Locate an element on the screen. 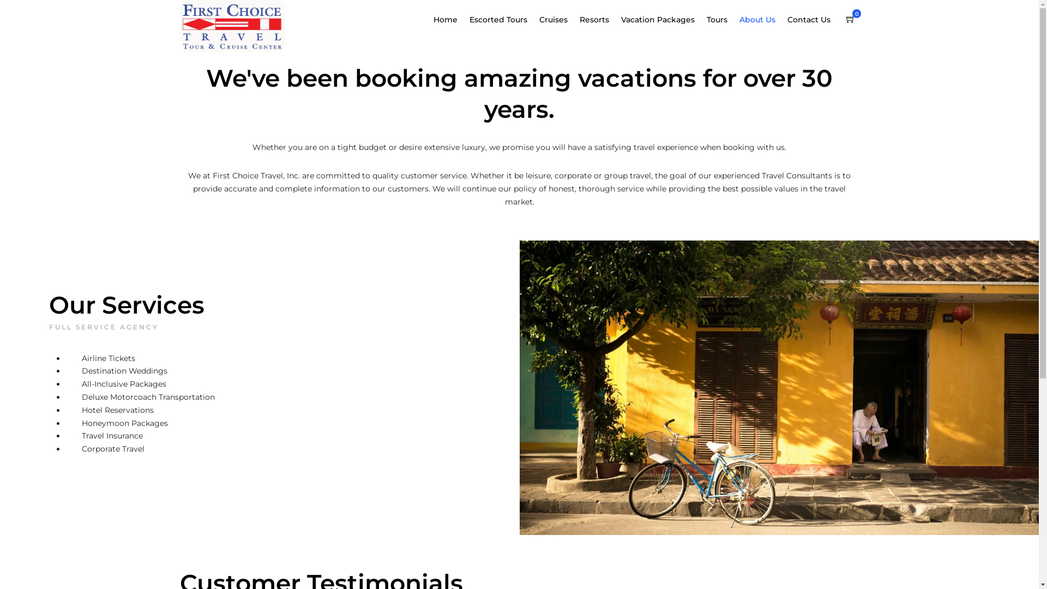 The image size is (1047, 589). 'Resorts' is located at coordinates (598, 20).